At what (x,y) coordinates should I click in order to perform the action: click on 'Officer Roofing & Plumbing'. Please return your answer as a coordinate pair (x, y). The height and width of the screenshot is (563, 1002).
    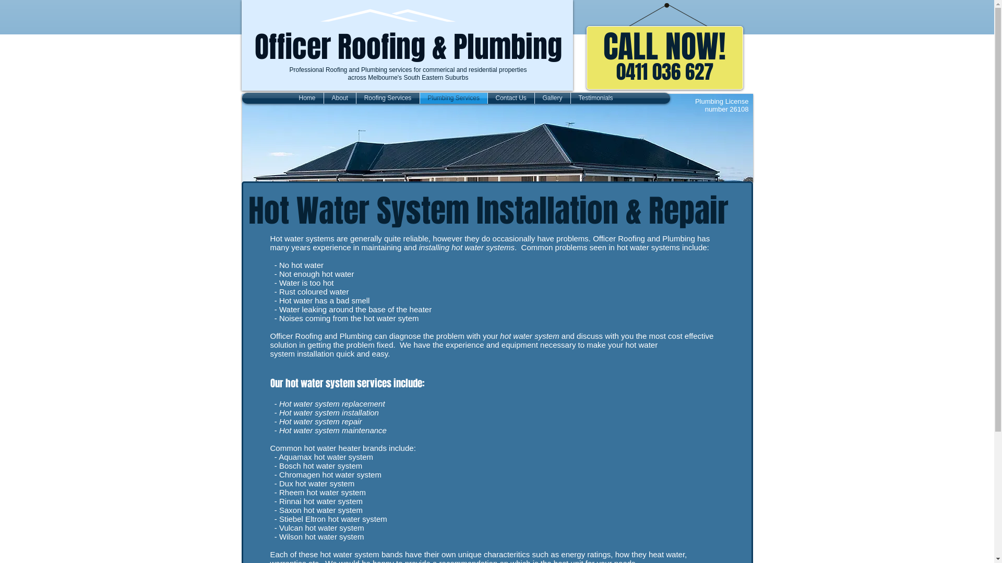
    Looking at the image, I should click on (408, 46).